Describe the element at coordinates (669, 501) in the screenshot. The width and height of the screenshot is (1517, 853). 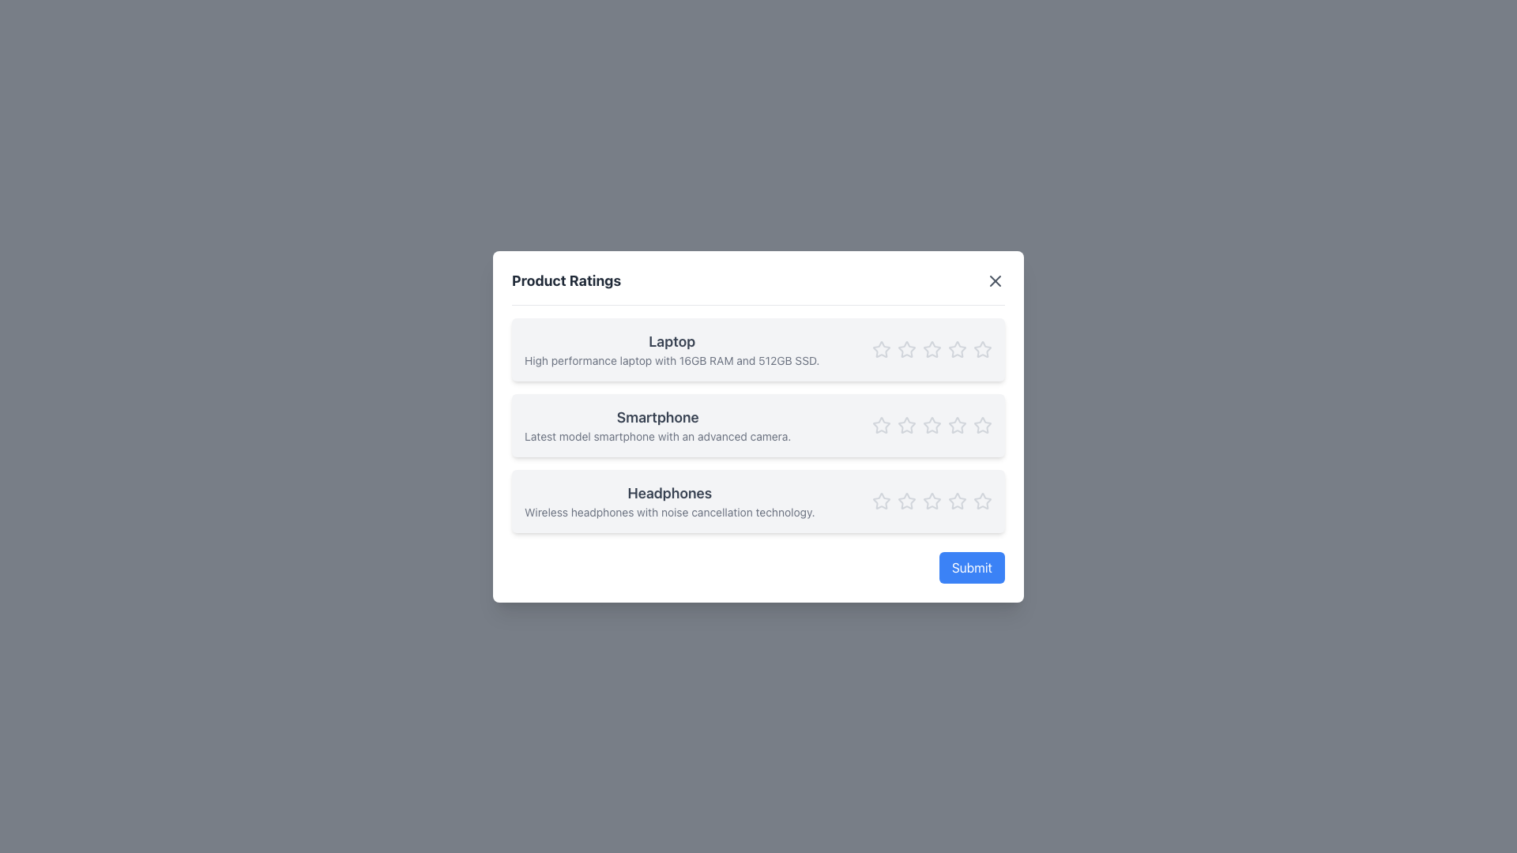
I see `the text block displaying the title 'Headphones' which is located under the 'Product Ratings' section, specifically in the third row of product descriptions` at that location.